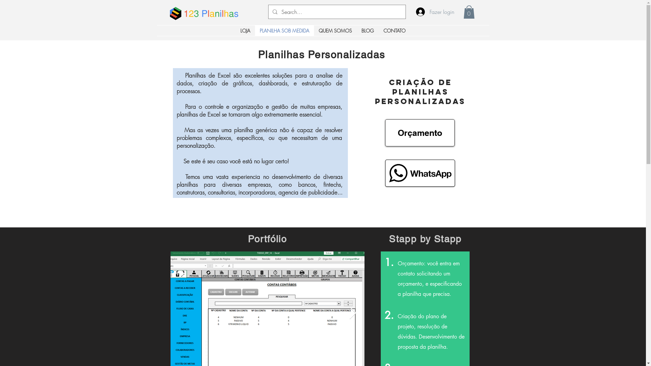  Describe the element at coordinates (284, 30) in the screenshot. I see `'PLANILHA SOB MEDIDA'` at that location.